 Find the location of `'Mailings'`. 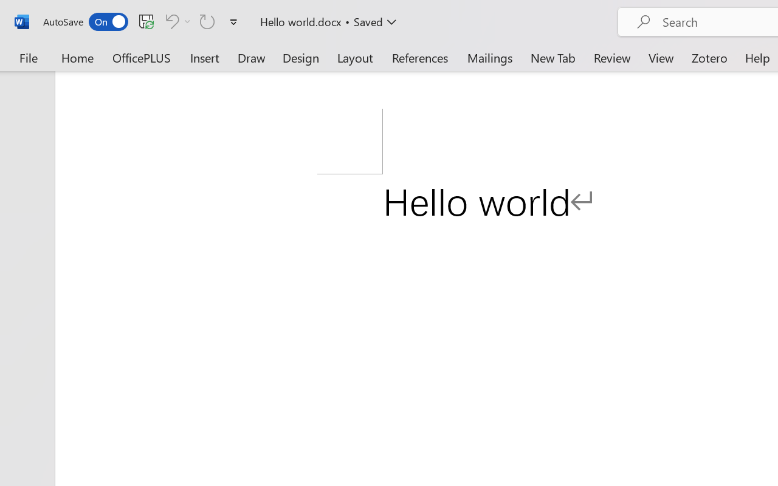

'Mailings' is located at coordinates (490, 57).